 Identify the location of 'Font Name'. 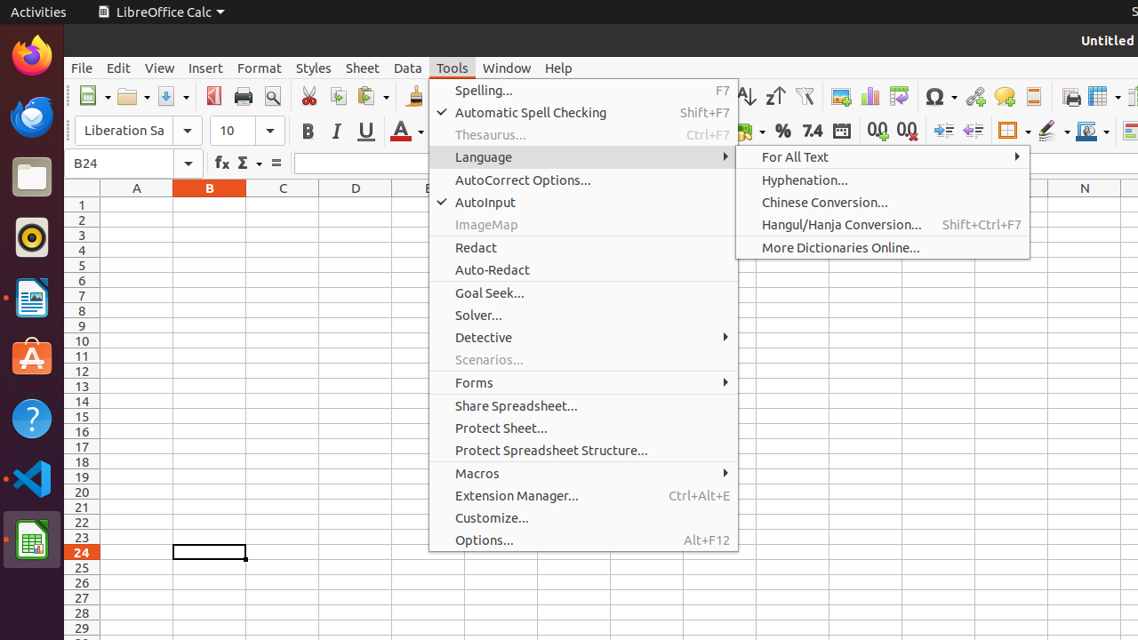
(138, 130).